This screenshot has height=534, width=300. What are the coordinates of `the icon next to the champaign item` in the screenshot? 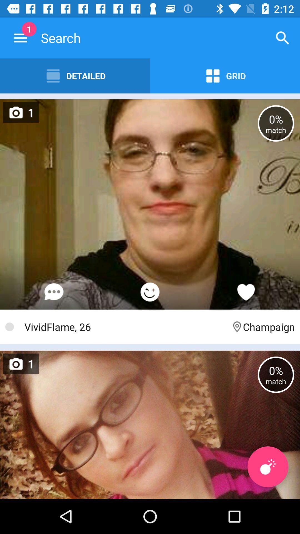 It's located at (125, 327).